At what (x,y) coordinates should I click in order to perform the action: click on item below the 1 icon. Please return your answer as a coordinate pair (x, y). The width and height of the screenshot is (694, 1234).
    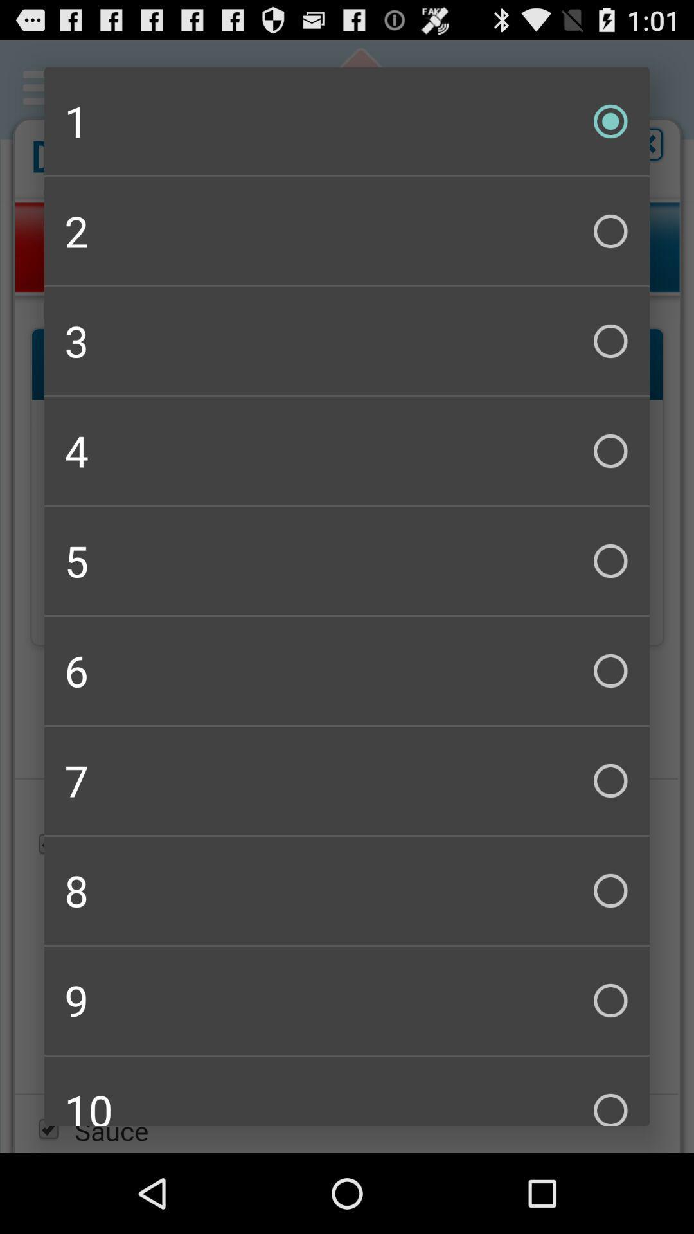
    Looking at the image, I should click on (347, 231).